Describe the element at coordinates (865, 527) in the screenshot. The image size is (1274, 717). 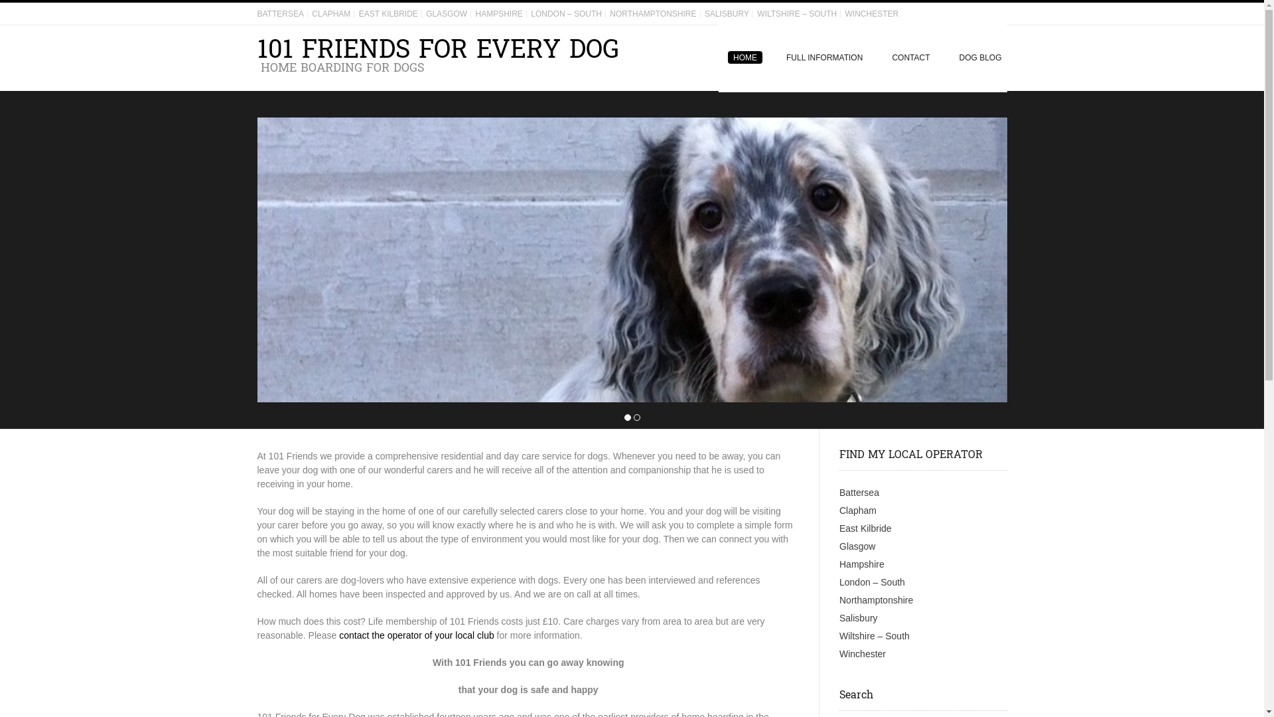
I see `'East Kilbride'` at that location.